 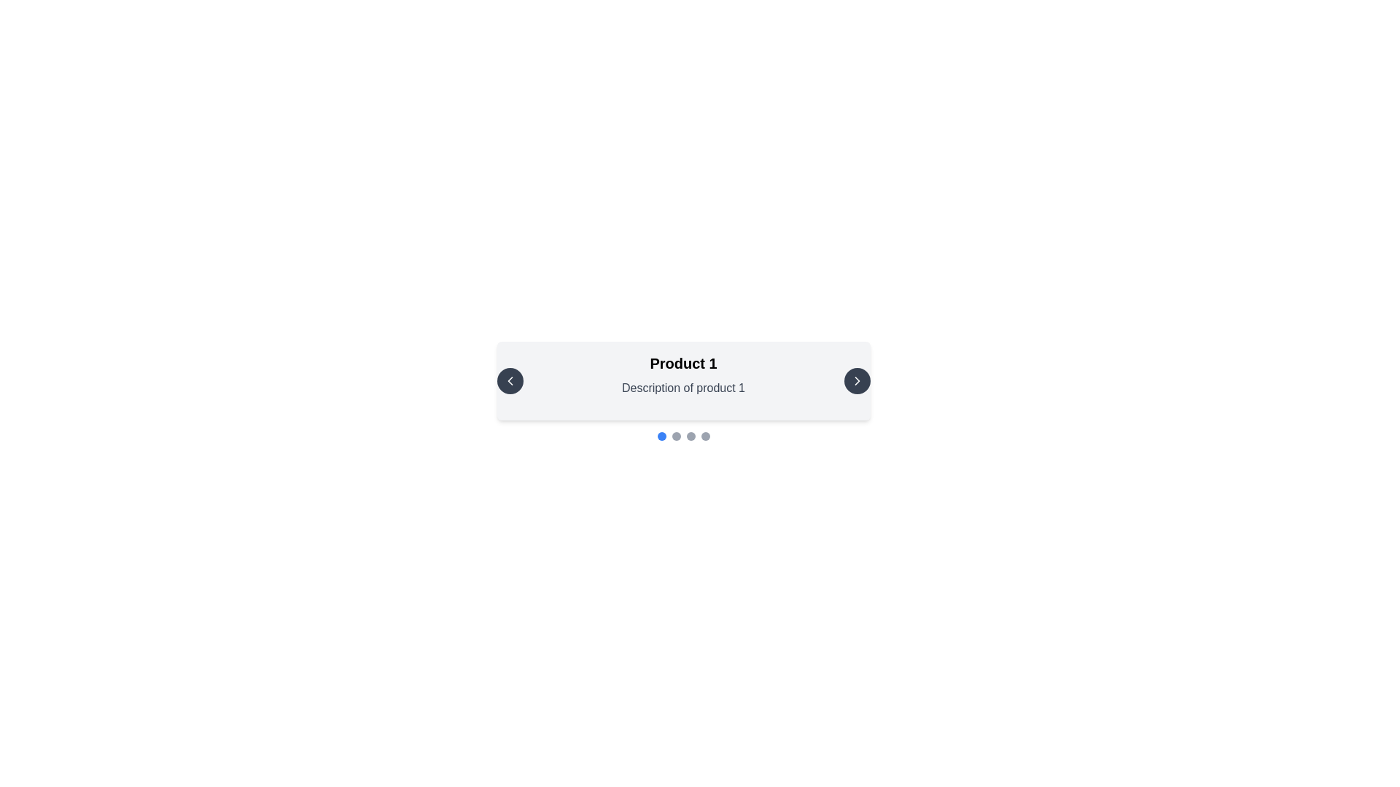 I want to click on the 'previous' icon button located on the left portion of the card, so click(x=510, y=380).